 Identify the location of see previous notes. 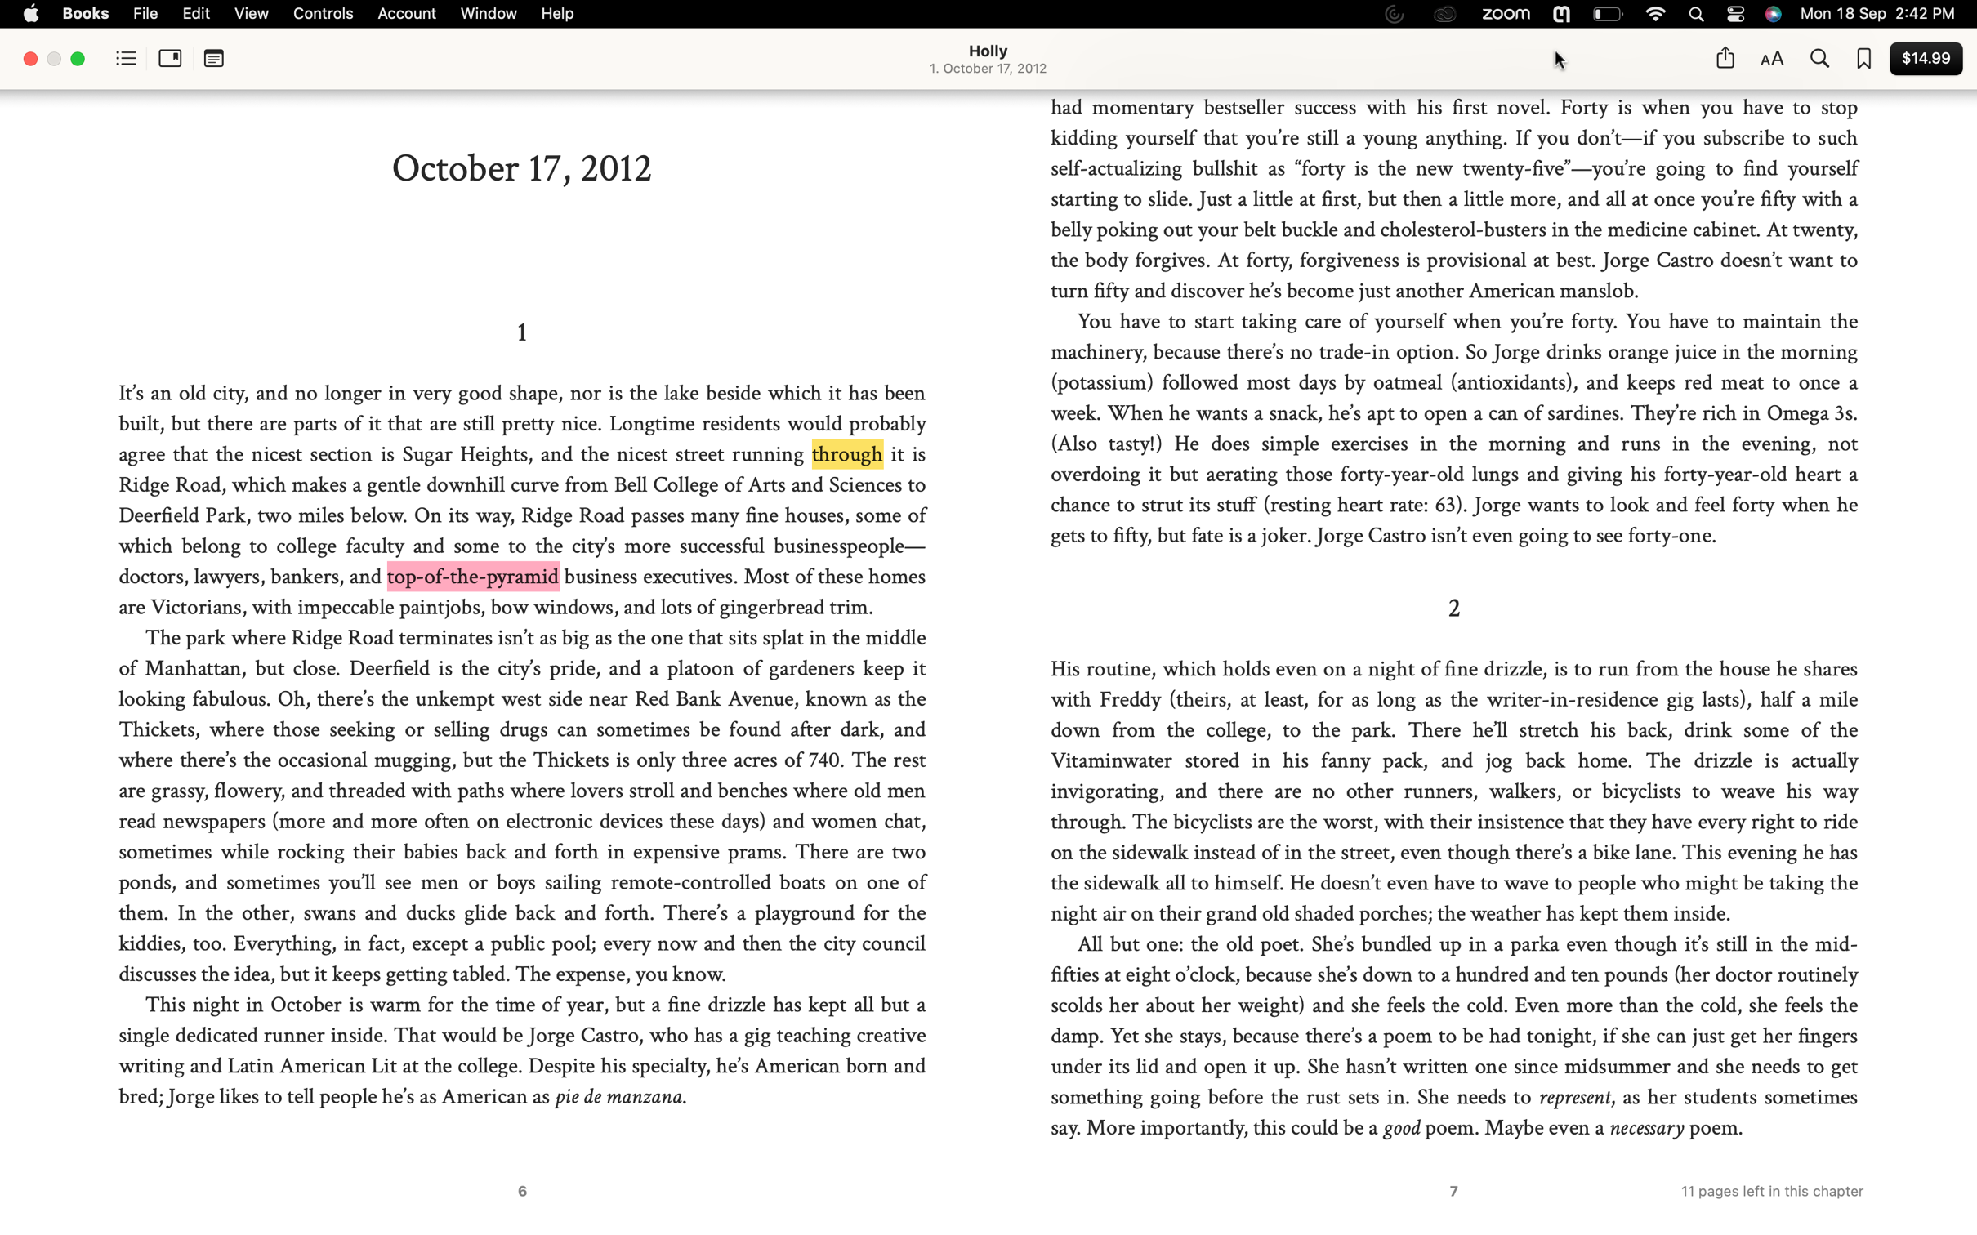
(727536, 122265).